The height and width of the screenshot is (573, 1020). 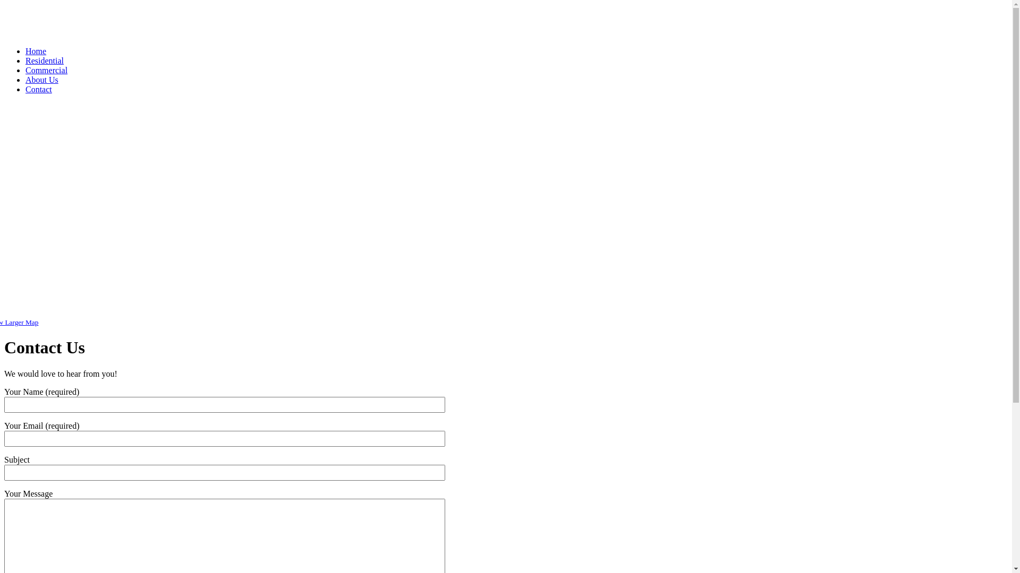 I want to click on 'Home', so click(x=36, y=51).